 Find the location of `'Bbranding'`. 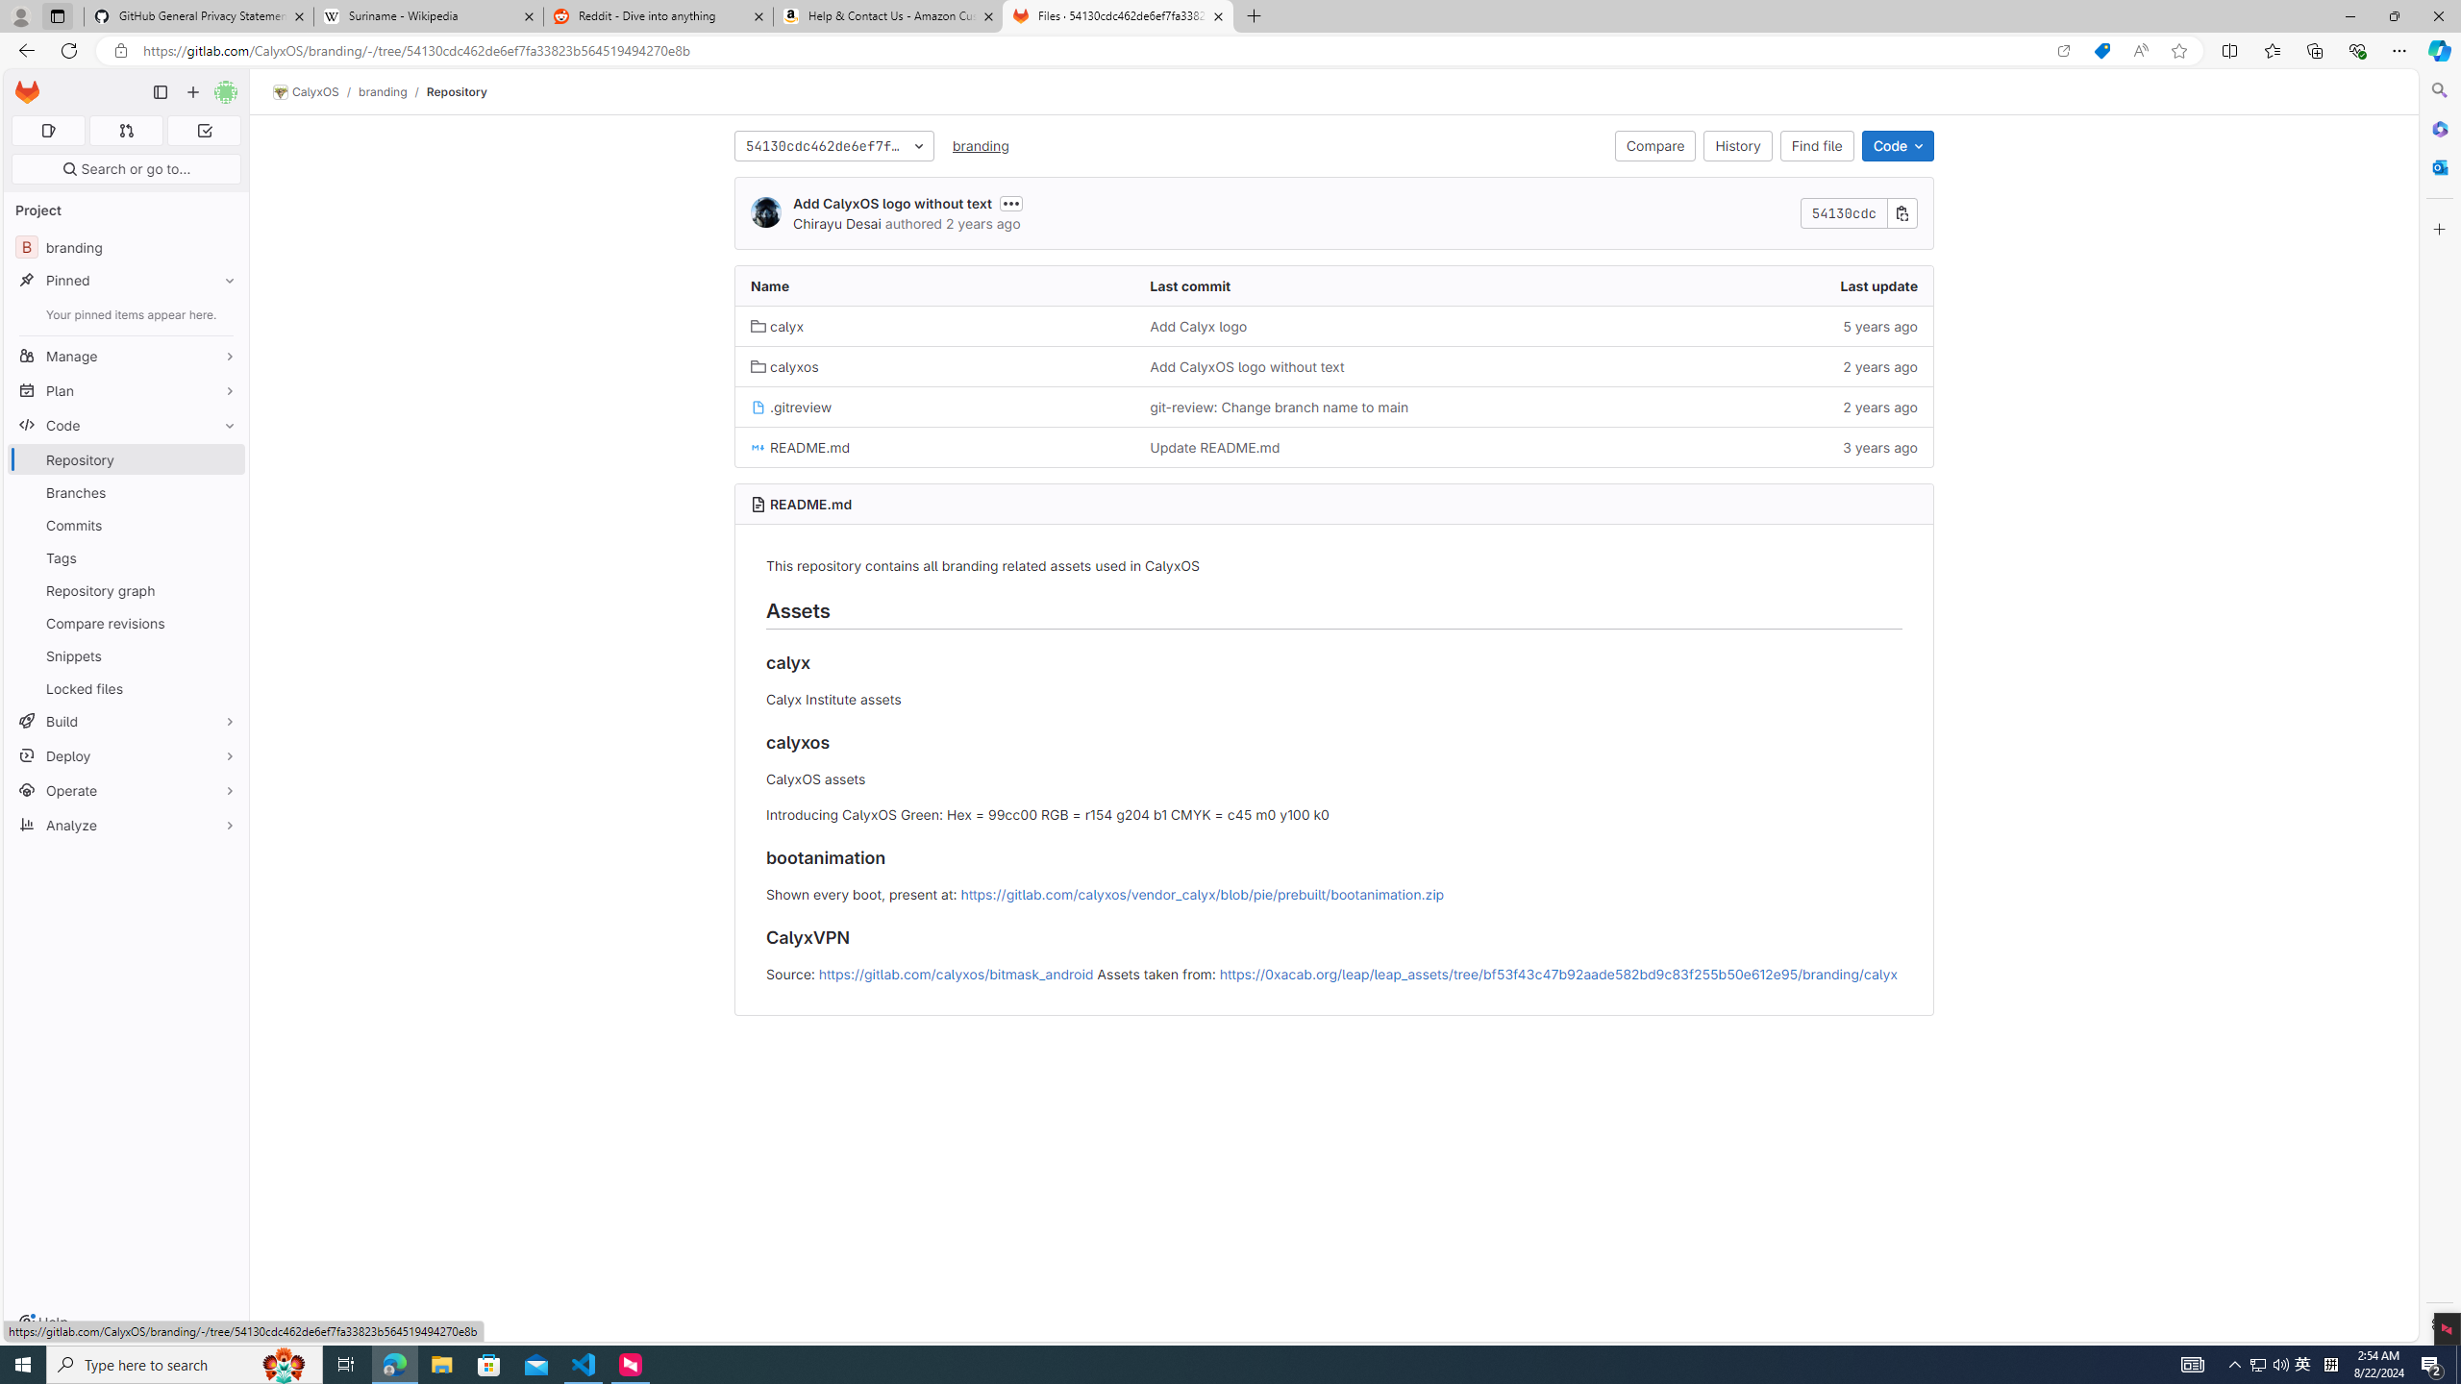

'Bbranding' is located at coordinates (125, 246).